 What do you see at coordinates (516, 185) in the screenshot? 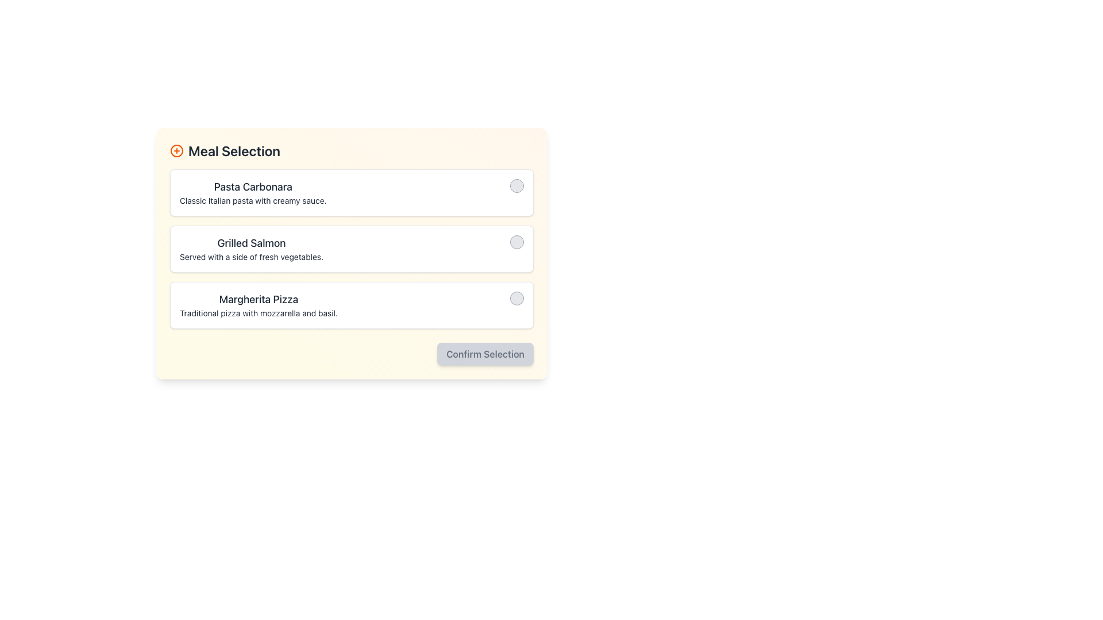
I see `the circular RadioButton with a light gray background and gray border located to the far right of the row containing 'Pasta Carbonara' and its description` at bounding box center [516, 185].